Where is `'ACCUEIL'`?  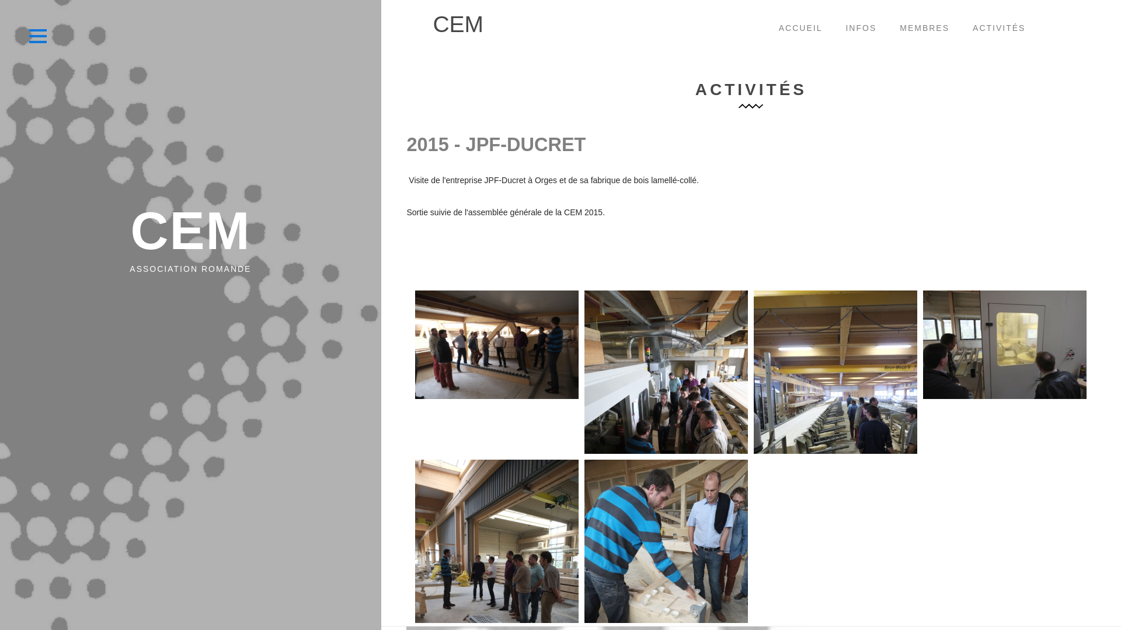
'ACCUEIL' is located at coordinates (800, 29).